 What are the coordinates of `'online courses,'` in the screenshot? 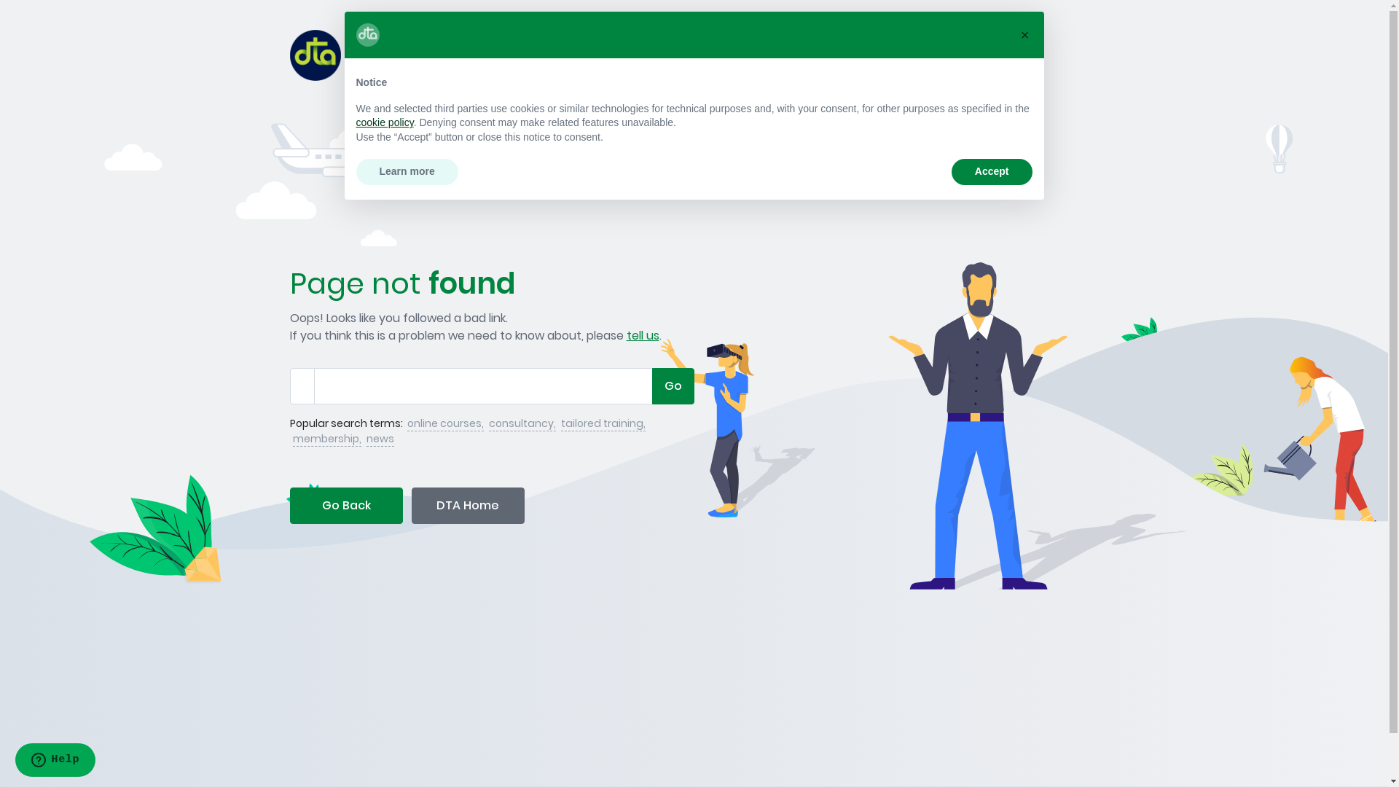 It's located at (444, 423).